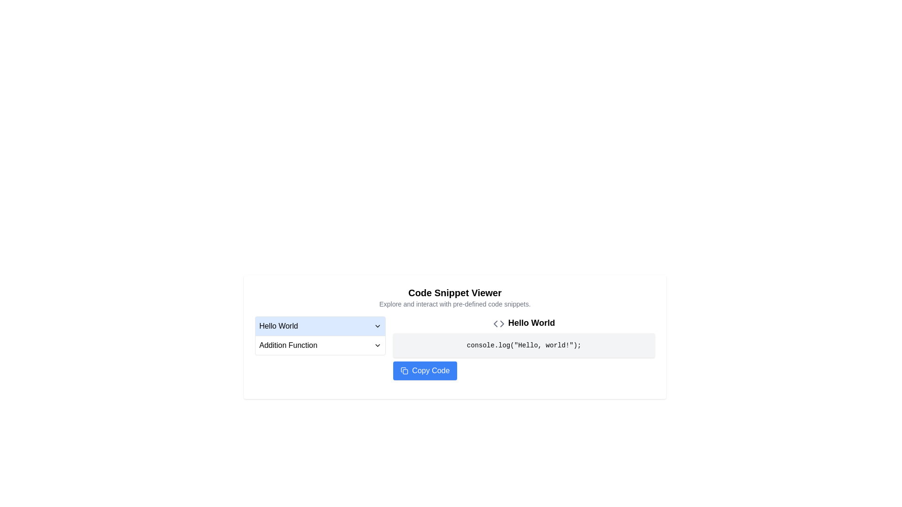 This screenshot has width=902, height=507. What do you see at coordinates (455, 348) in the screenshot?
I see `the Code block display area located in the bottom right section of the interface, beneath the 'Hello World' and 'Addition Function' dropdowns` at bounding box center [455, 348].